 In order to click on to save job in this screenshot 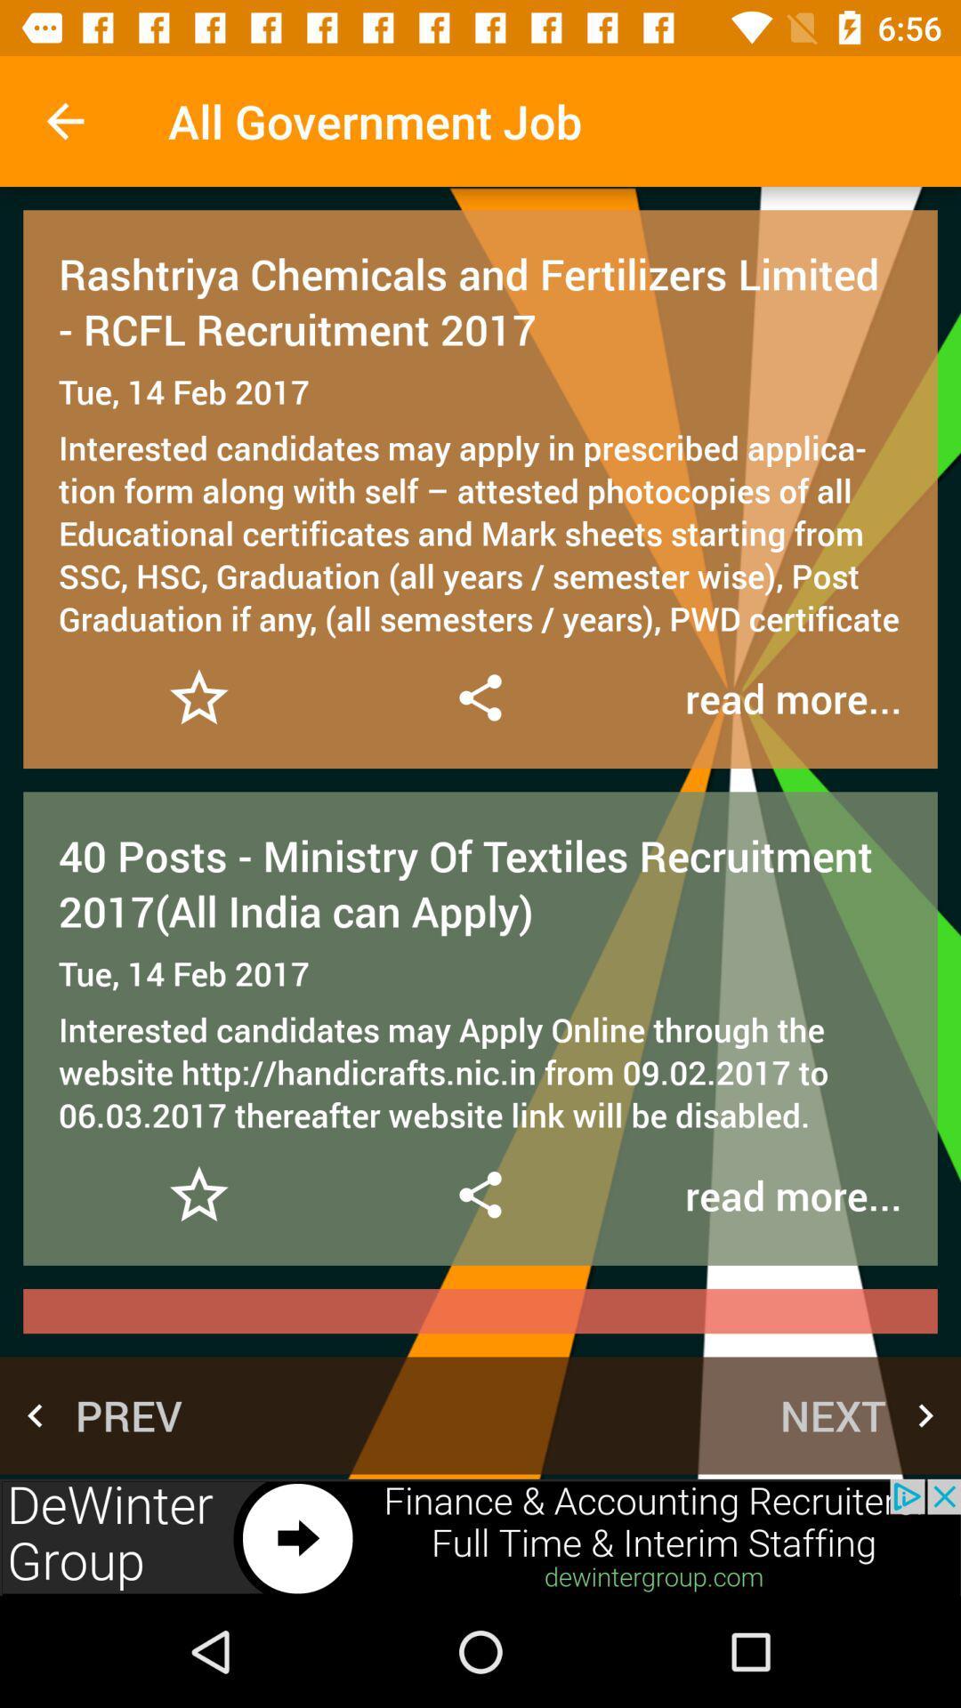, I will do `click(198, 697)`.